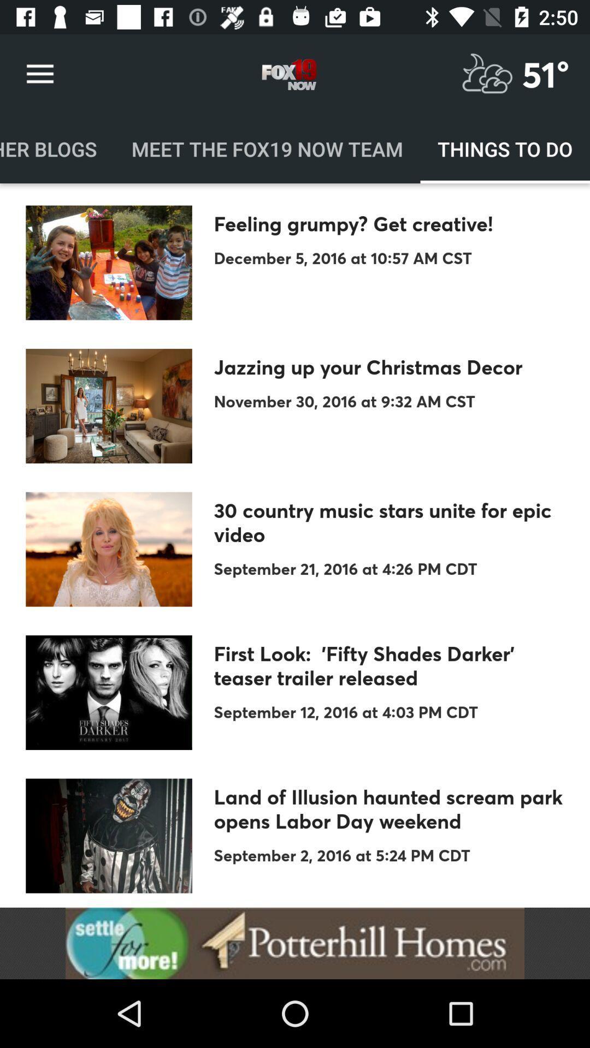  What do you see at coordinates (295, 943) in the screenshot?
I see `so the advertisement` at bounding box center [295, 943].